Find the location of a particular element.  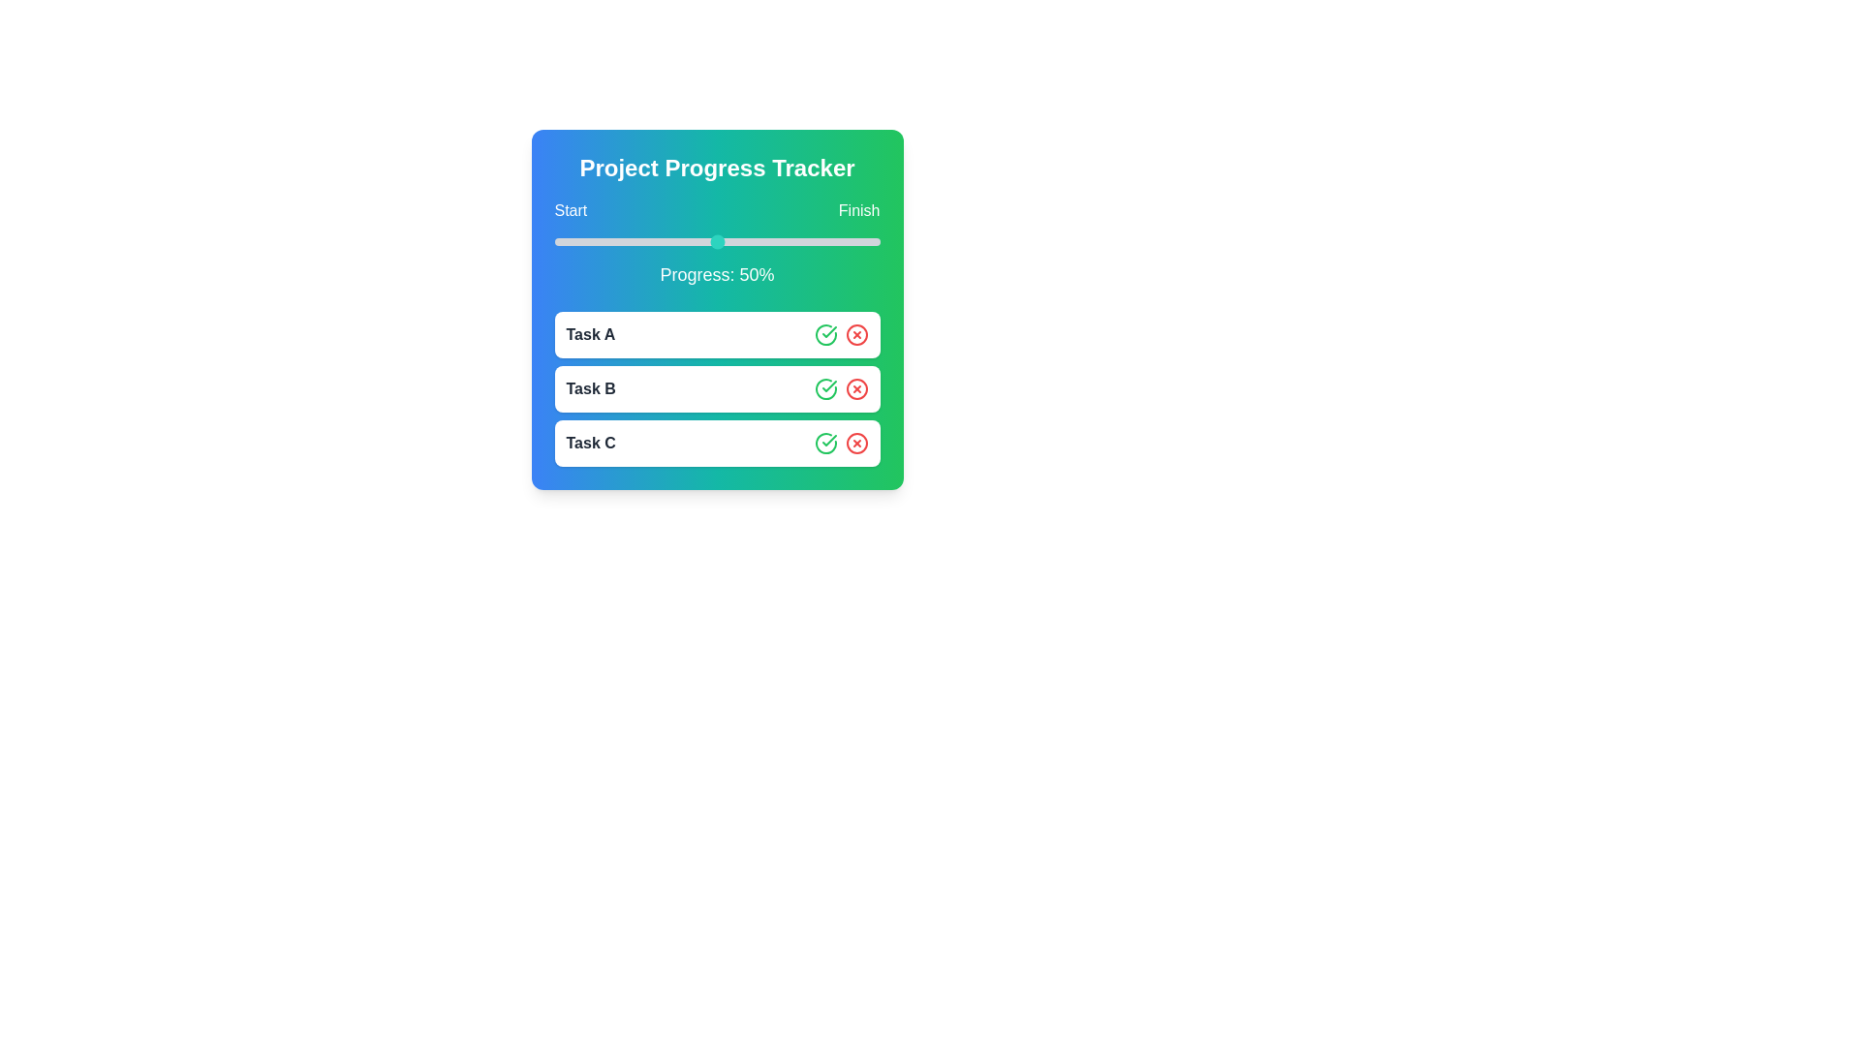

the progress bar to set the progress to 98% is located at coordinates (872, 241).